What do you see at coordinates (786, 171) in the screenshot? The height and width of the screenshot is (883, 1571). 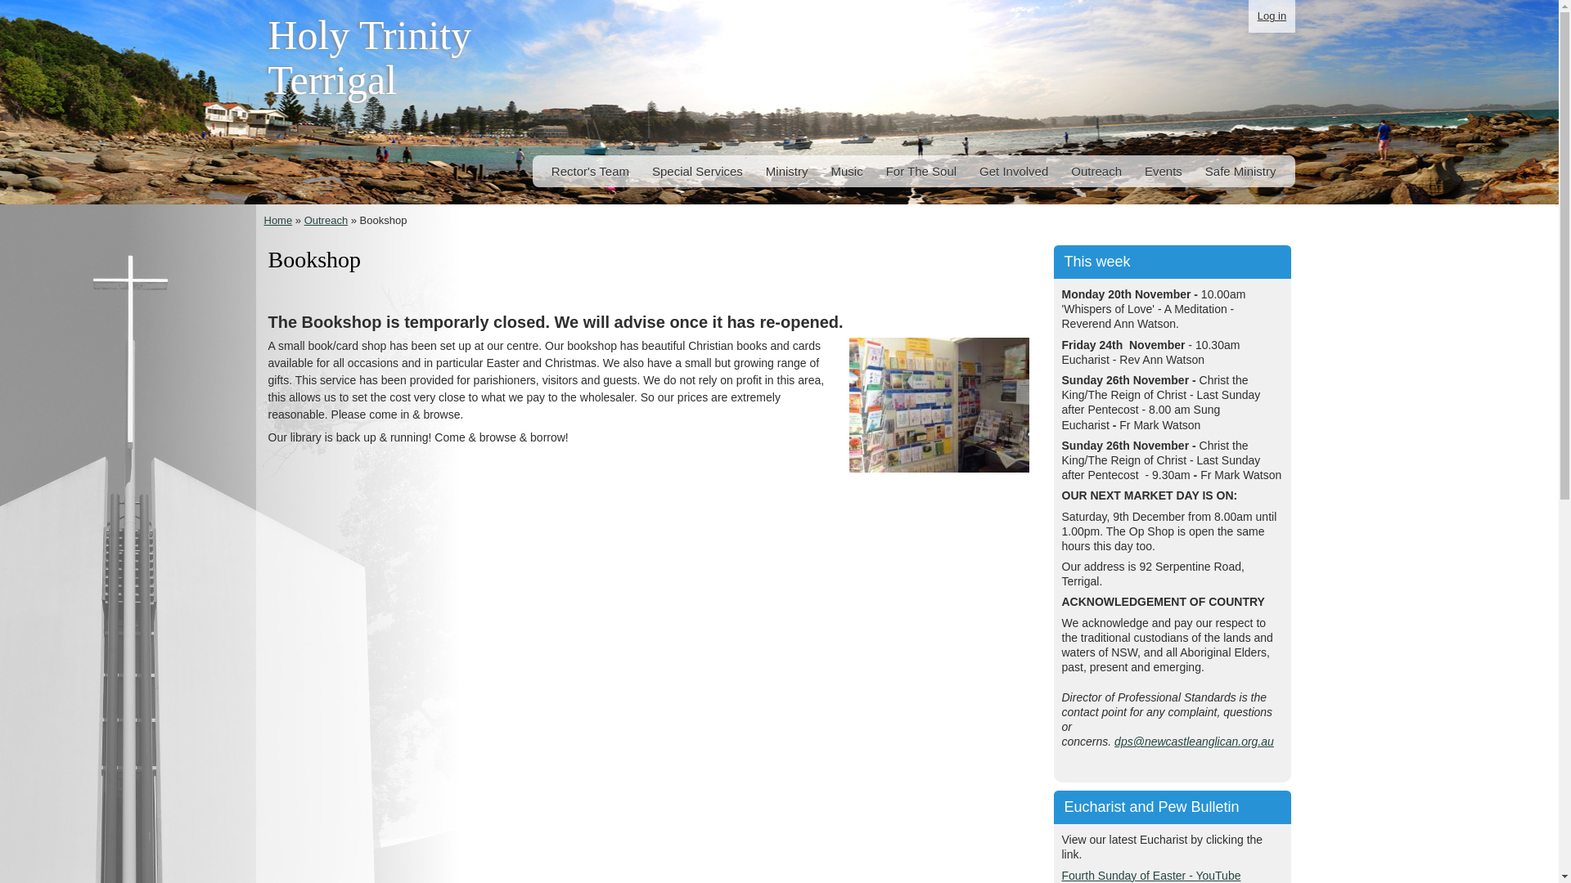 I see `'Ministry'` at bounding box center [786, 171].